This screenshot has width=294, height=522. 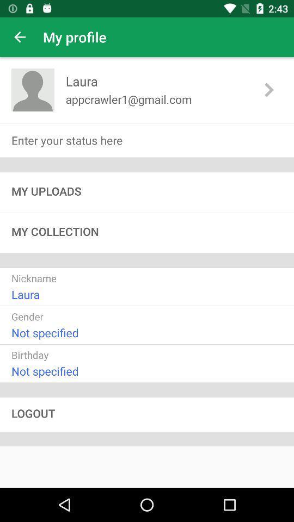 What do you see at coordinates (20, 37) in the screenshot?
I see `app next to my profile` at bounding box center [20, 37].